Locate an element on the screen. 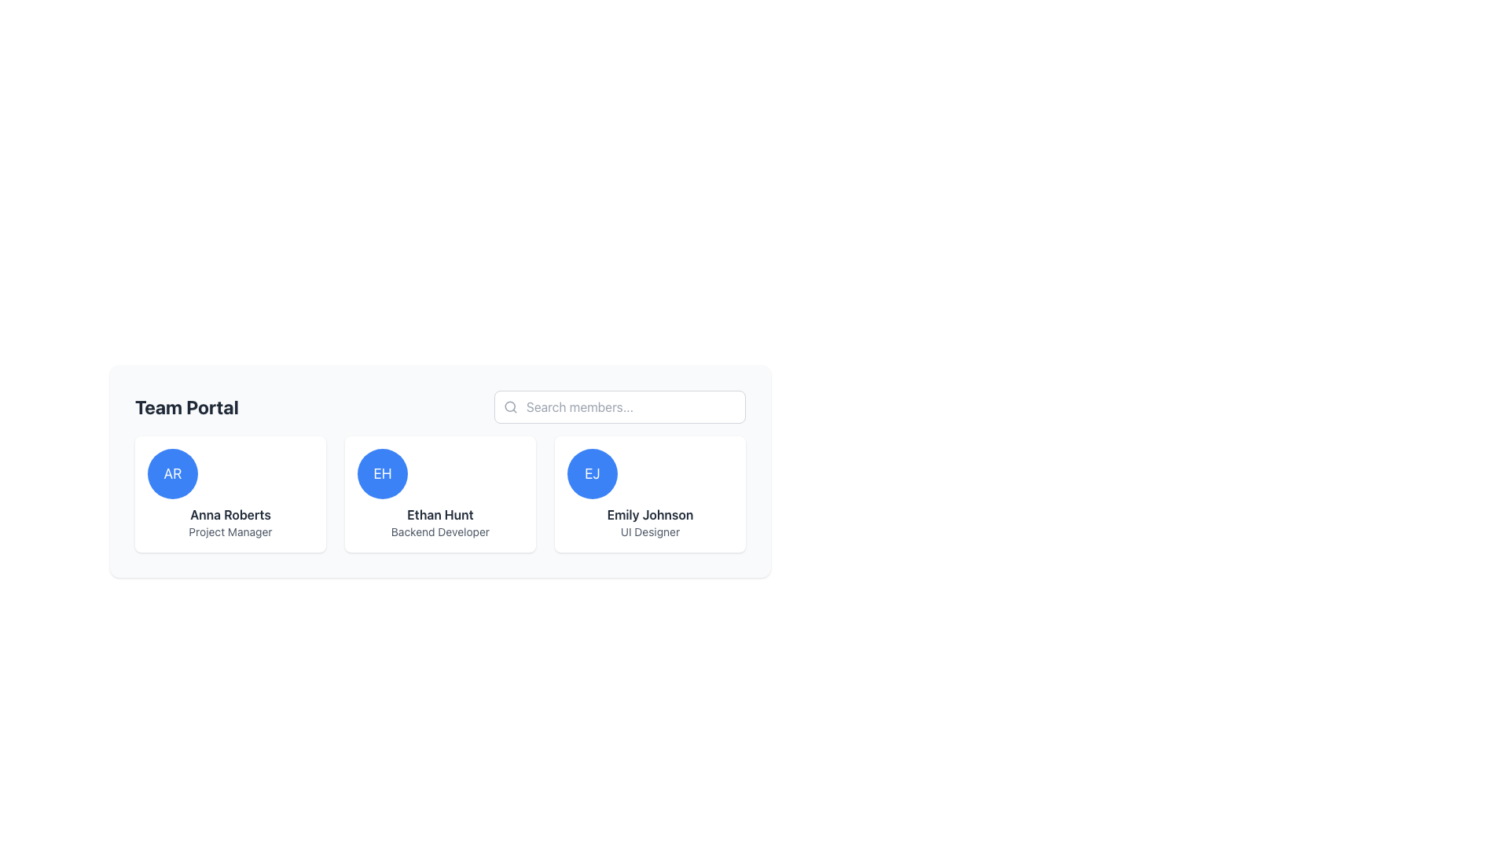  the circle element of the magnifying glass icon, which represents search functionality, located to the left of the input field labeled 'Search members...' is located at coordinates (510, 406).